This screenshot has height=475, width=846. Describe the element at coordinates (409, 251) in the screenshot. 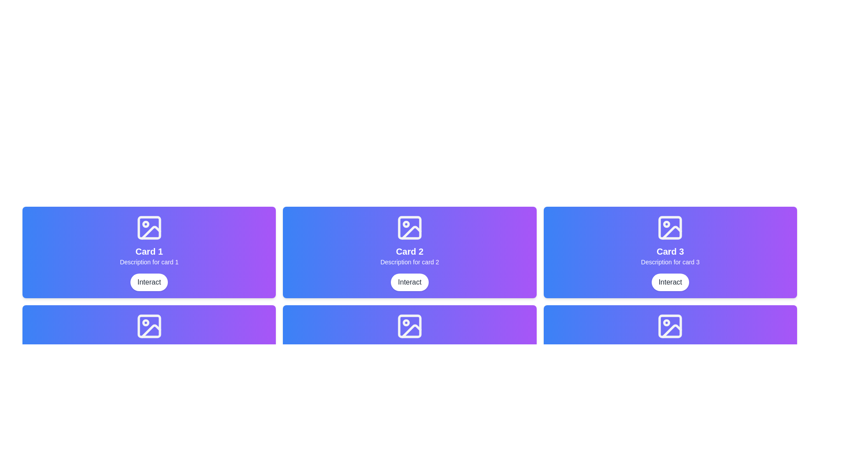

I see `the text element displaying 'Card 2', which is styled in bold and located at the top-middle section of the middle card in a row of three cards with a gradient blue-to-purple background` at that location.